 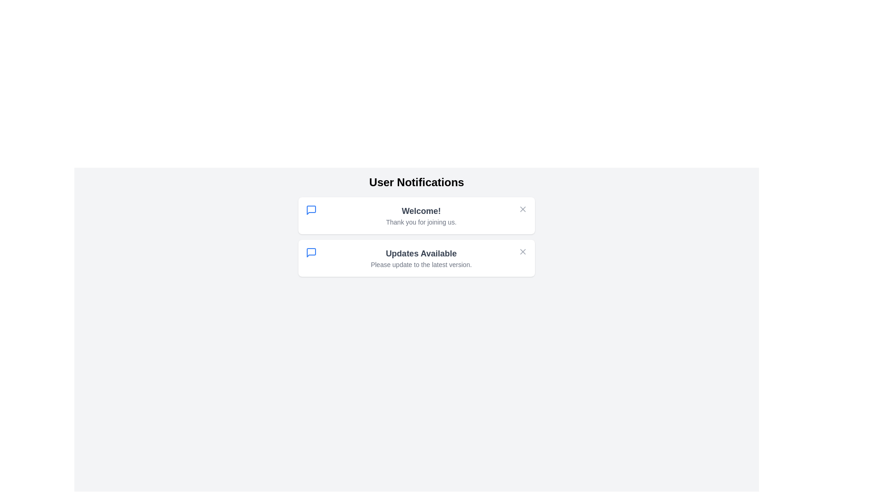 What do you see at coordinates (421, 222) in the screenshot?
I see `the text label that says 'Thank you for joining us.' which is displayed in a muted gray font, located directly below the 'Welcome!' text in a notification card` at bounding box center [421, 222].